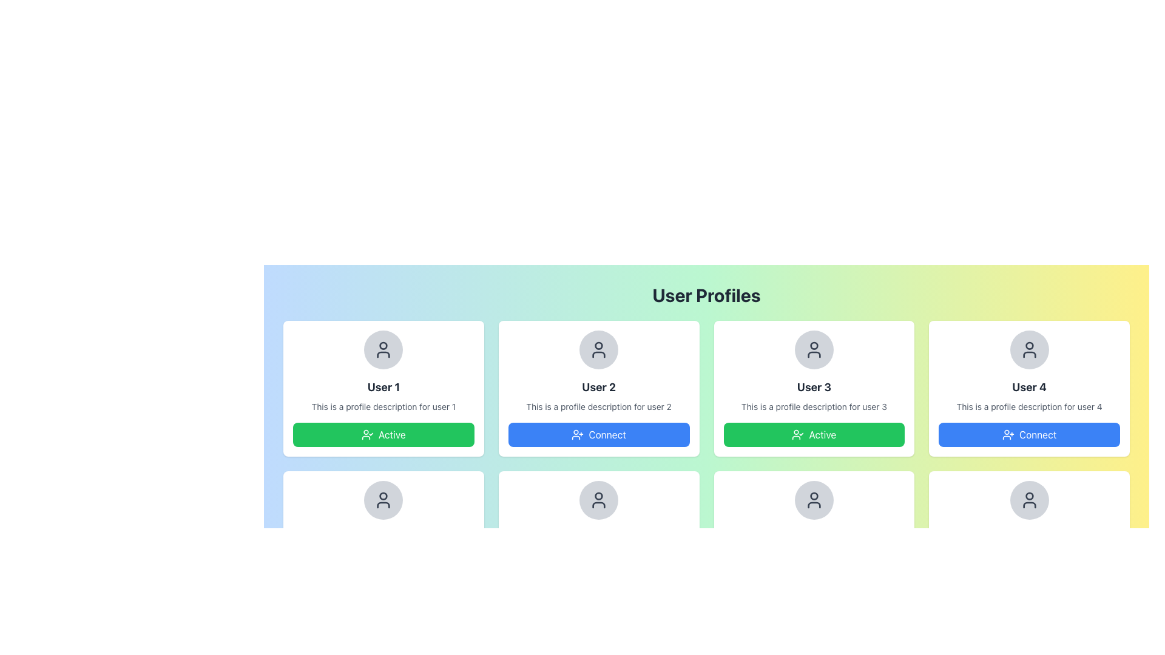  I want to click on the person icon with a gray color located in the second user card from the left, beneath the text 'User 2', so click(599, 350).